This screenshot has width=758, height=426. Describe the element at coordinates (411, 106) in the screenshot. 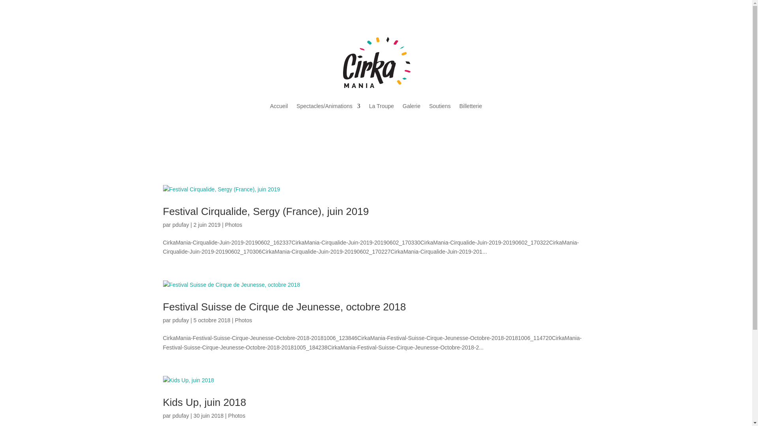

I see `'Galerie'` at that location.